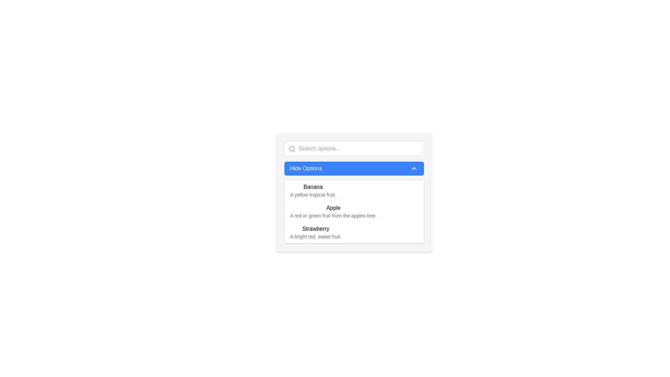 This screenshot has height=377, width=670. What do you see at coordinates (333, 215) in the screenshot?
I see `descriptive text 'A red or green fruit from the apples tree.' located beneath the 'Apple' title in the dropdown list` at bounding box center [333, 215].